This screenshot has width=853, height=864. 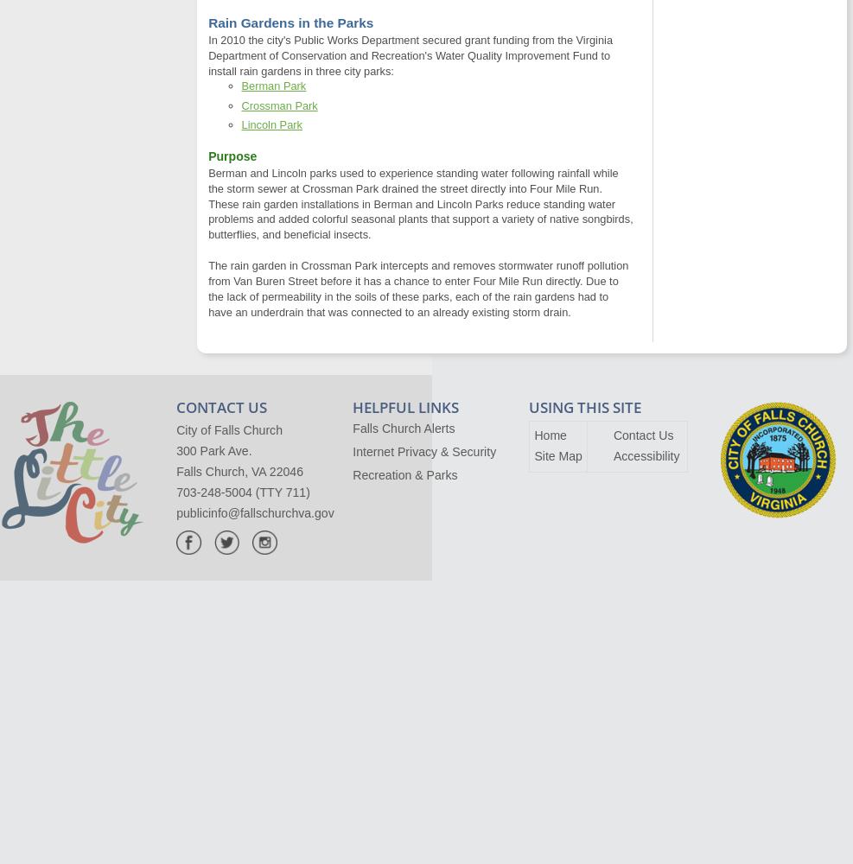 I want to click on 'Accessibility', so click(x=611, y=456).